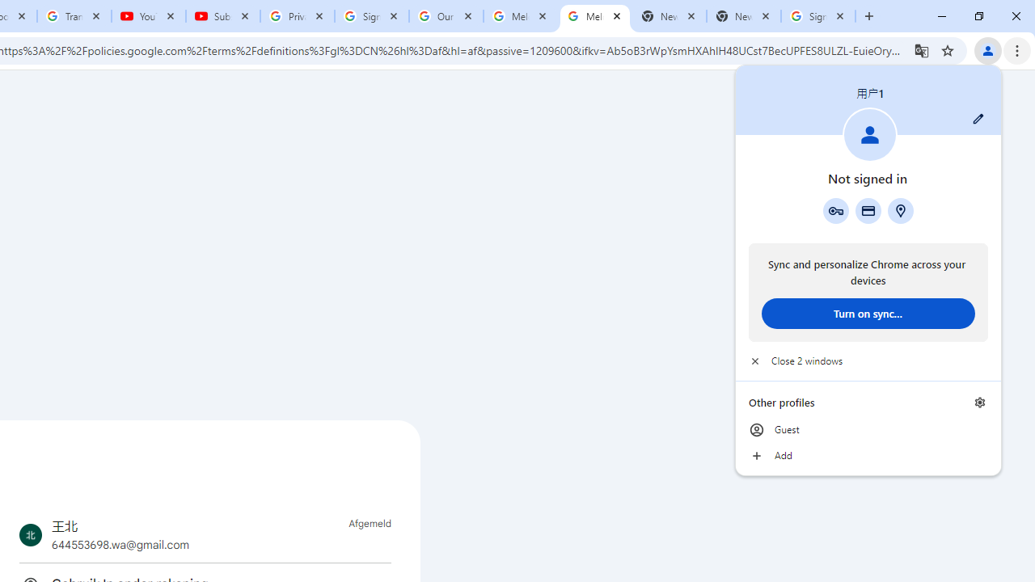 The height and width of the screenshot is (582, 1035). I want to click on 'Customize profile', so click(978, 118).